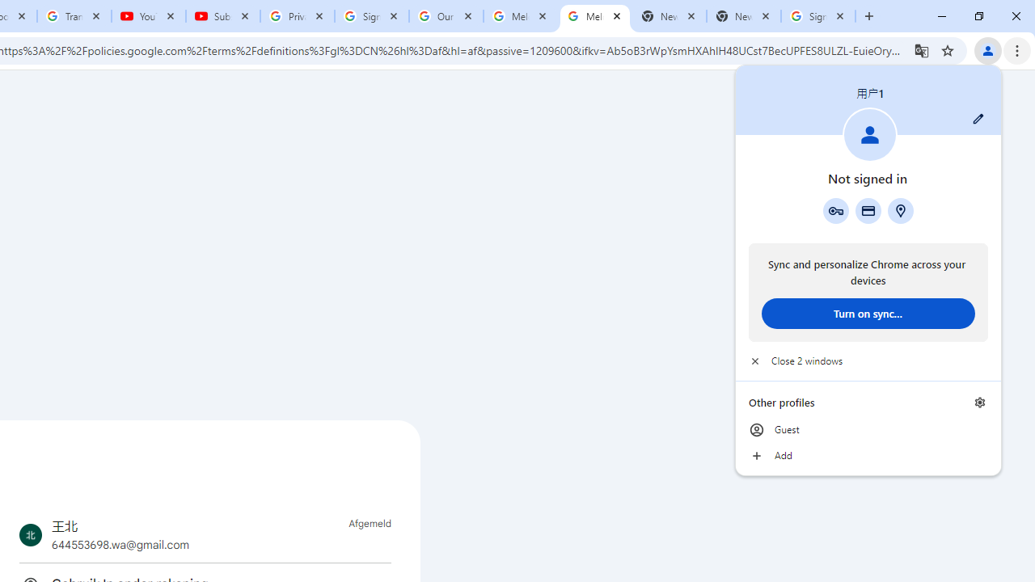 The height and width of the screenshot is (582, 1035). I want to click on 'Customize profile', so click(978, 118).